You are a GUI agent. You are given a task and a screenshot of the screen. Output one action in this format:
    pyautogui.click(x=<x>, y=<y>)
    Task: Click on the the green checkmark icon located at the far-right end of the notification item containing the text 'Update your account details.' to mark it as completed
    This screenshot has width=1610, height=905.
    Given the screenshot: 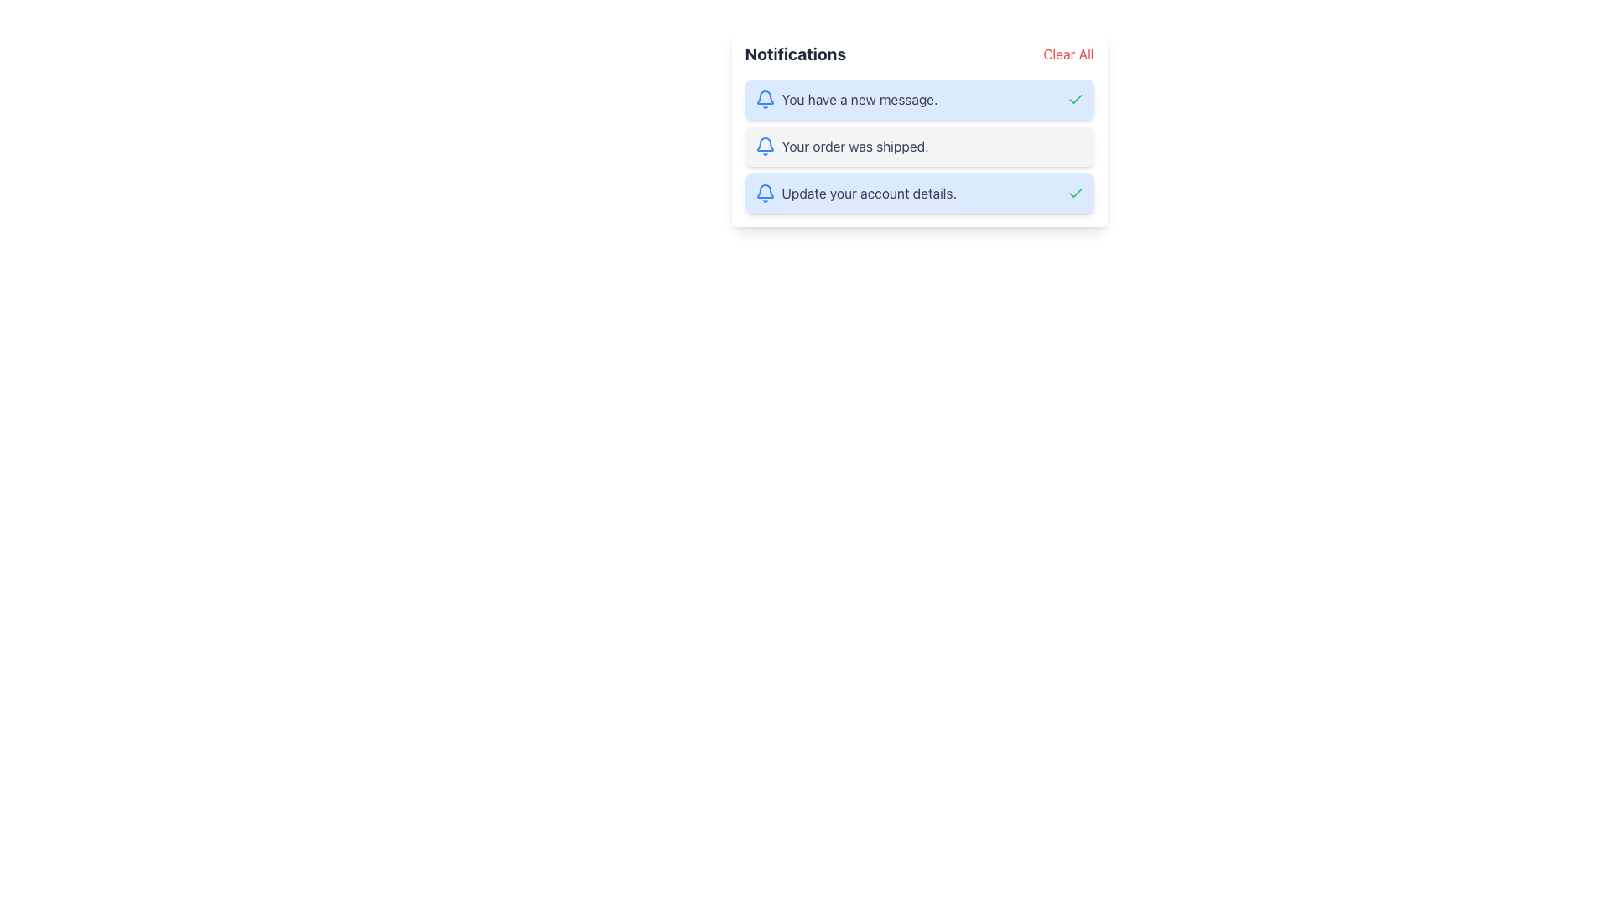 What is the action you would take?
    pyautogui.click(x=1075, y=193)
    